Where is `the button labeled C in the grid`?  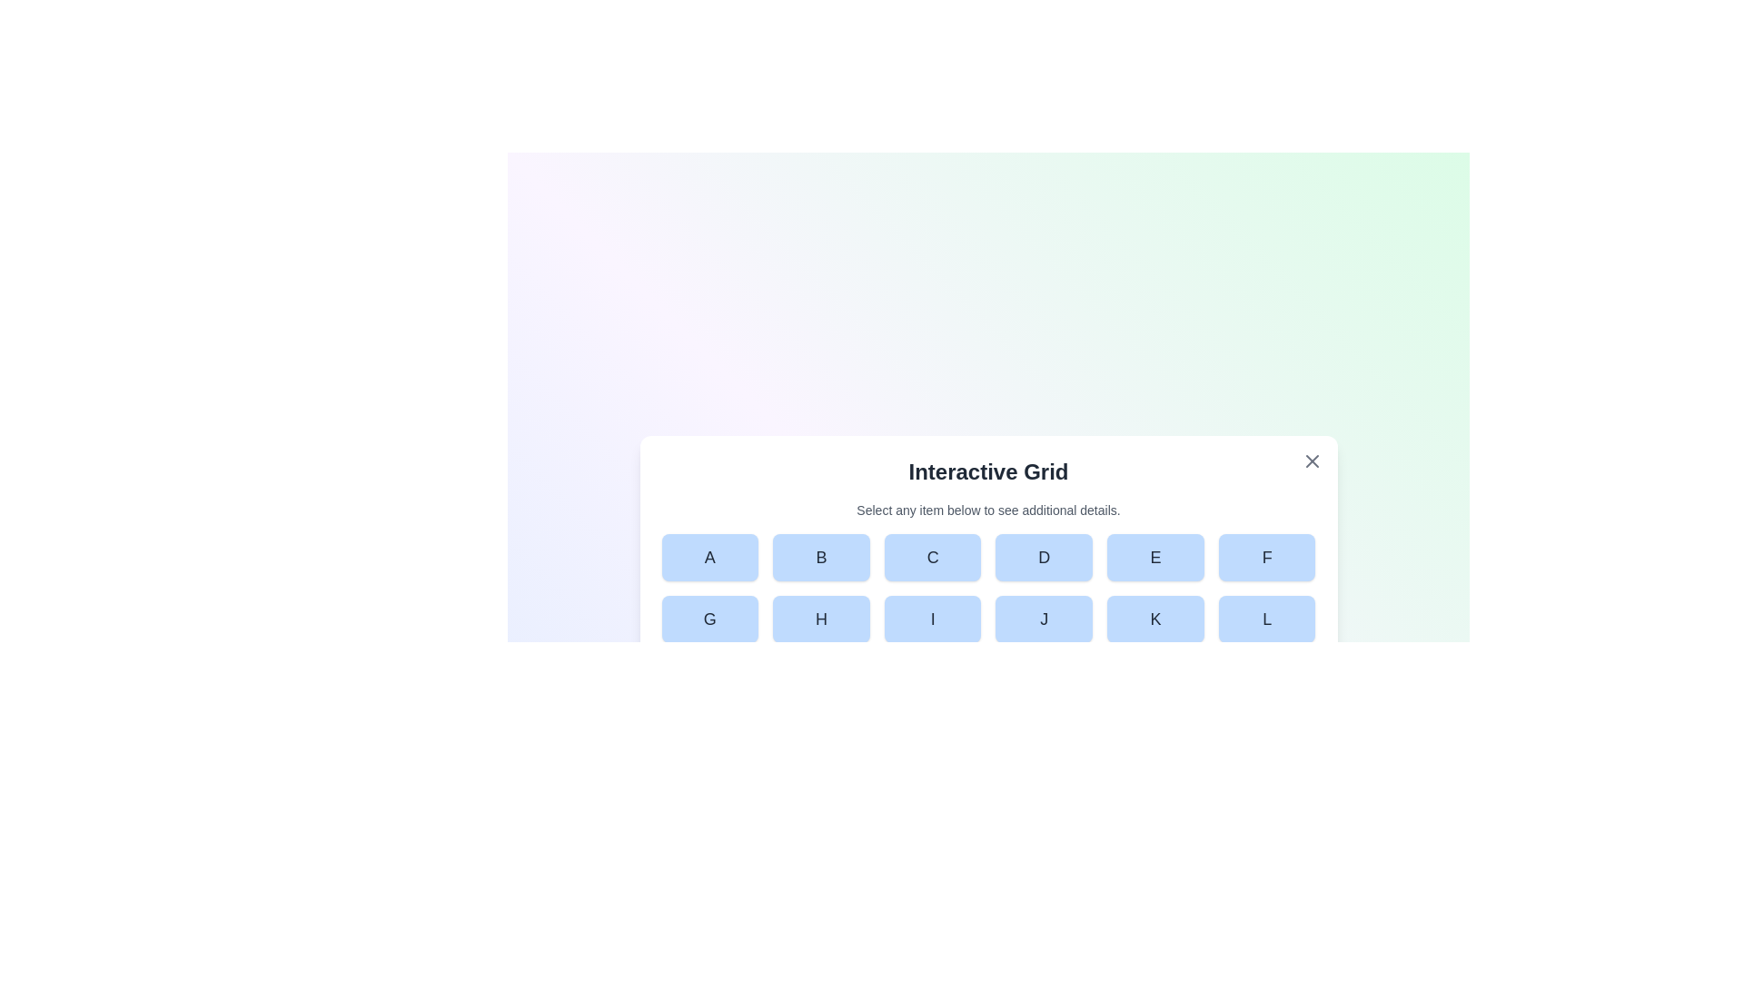 the button labeled C in the grid is located at coordinates (933, 556).